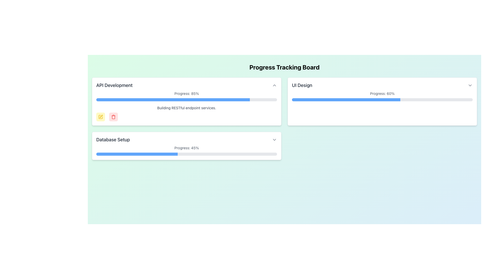 The image size is (493, 277). I want to click on the small, square-shaped red button with rounded corners and a trash icon, which is the second button under the progress bar in the 'API Development' section, so click(113, 117).